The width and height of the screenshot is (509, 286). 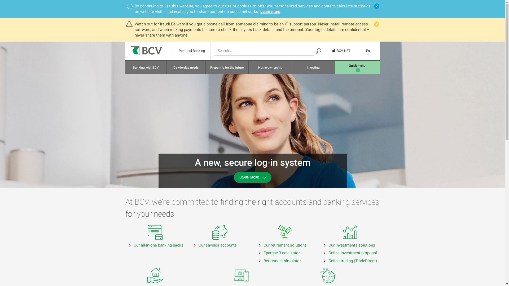 I want to click on 'Online trading (TradeDirect)', so click(x=328, y=260).